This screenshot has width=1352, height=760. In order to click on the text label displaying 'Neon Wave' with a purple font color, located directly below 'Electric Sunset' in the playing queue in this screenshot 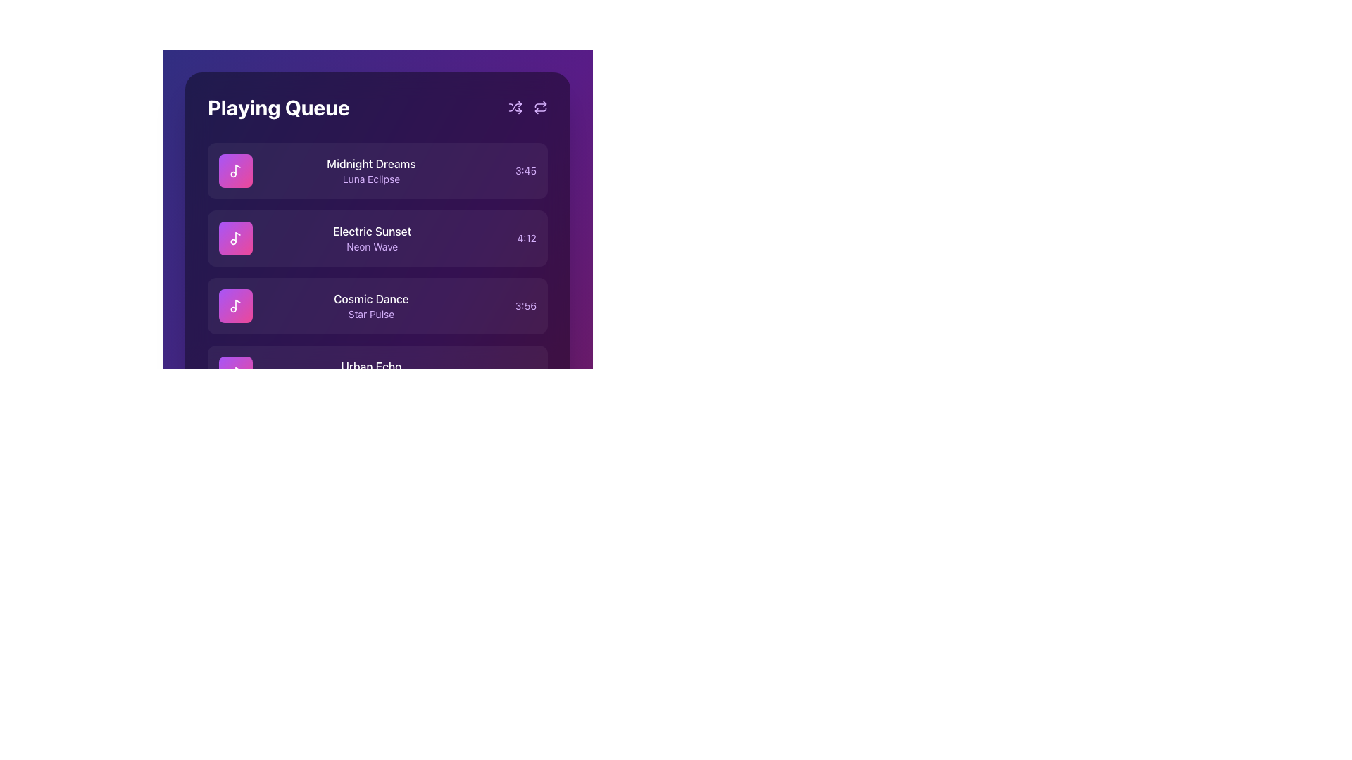, I will do `click(372, 246)`.